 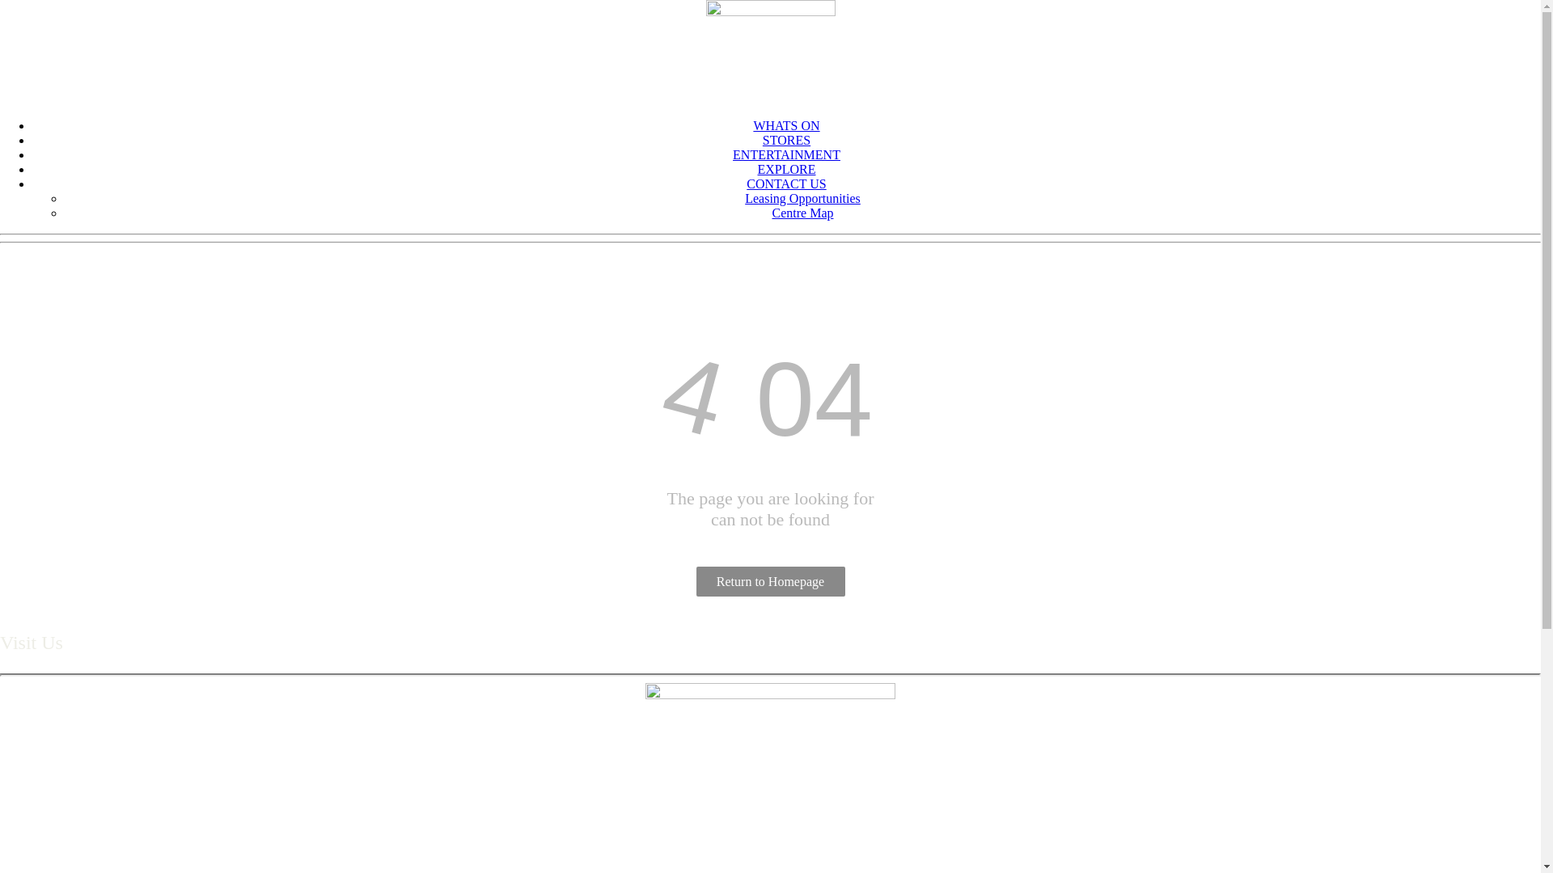 What do you see at coordinates (802, 212) in the screenshot?
I see `'Centre Map'` at bounding box center [802, 212].